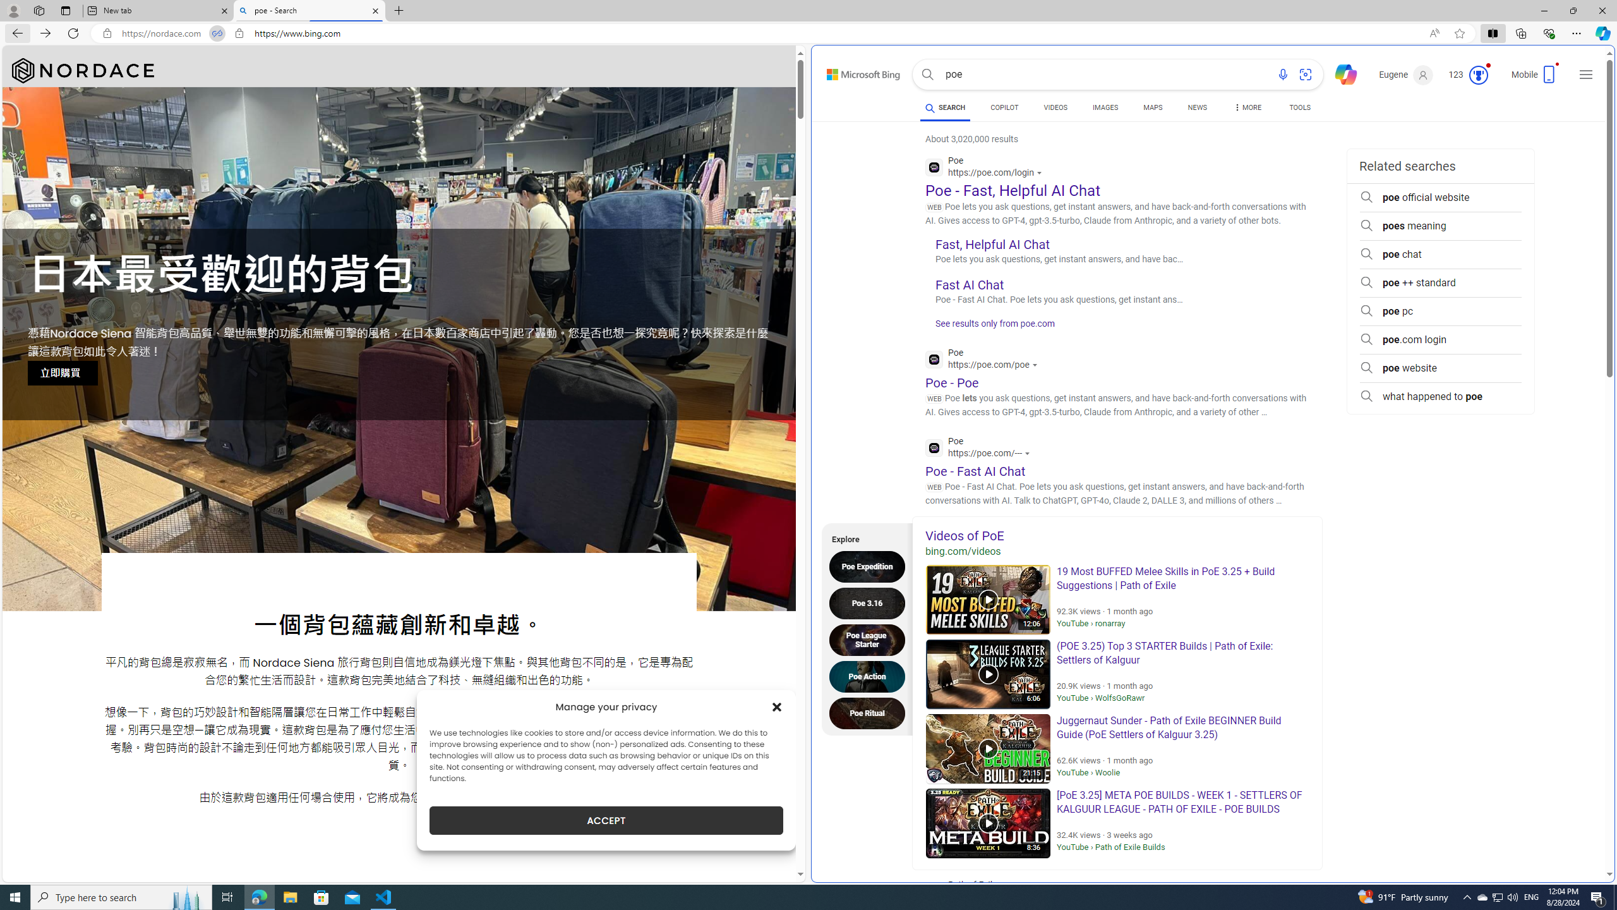  Describe the element at coordinates (1153, 109) in the screenshot. I see `'MAPS'` at that location.